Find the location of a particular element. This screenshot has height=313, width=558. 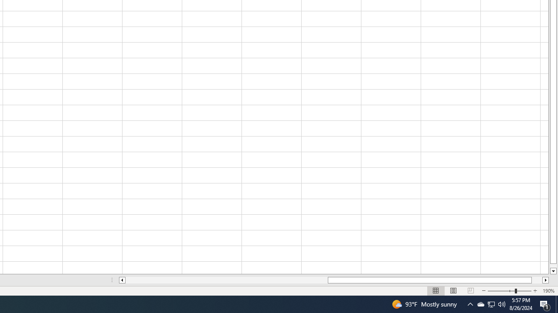

'Normal' is located at coordinates (436, 291).